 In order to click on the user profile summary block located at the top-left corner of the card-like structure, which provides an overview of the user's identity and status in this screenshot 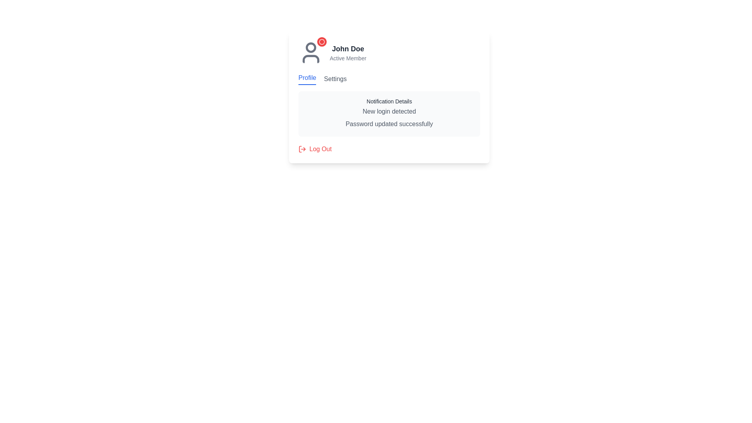, I will do `click(389, 53)`.